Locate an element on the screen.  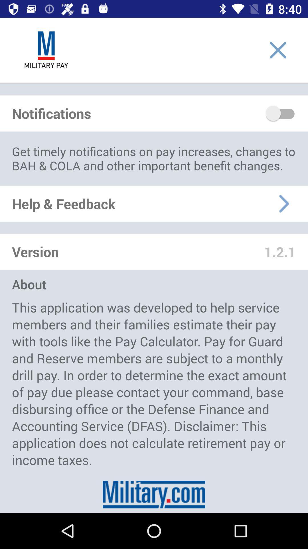
the notifications is located at coordinates (280, 113).